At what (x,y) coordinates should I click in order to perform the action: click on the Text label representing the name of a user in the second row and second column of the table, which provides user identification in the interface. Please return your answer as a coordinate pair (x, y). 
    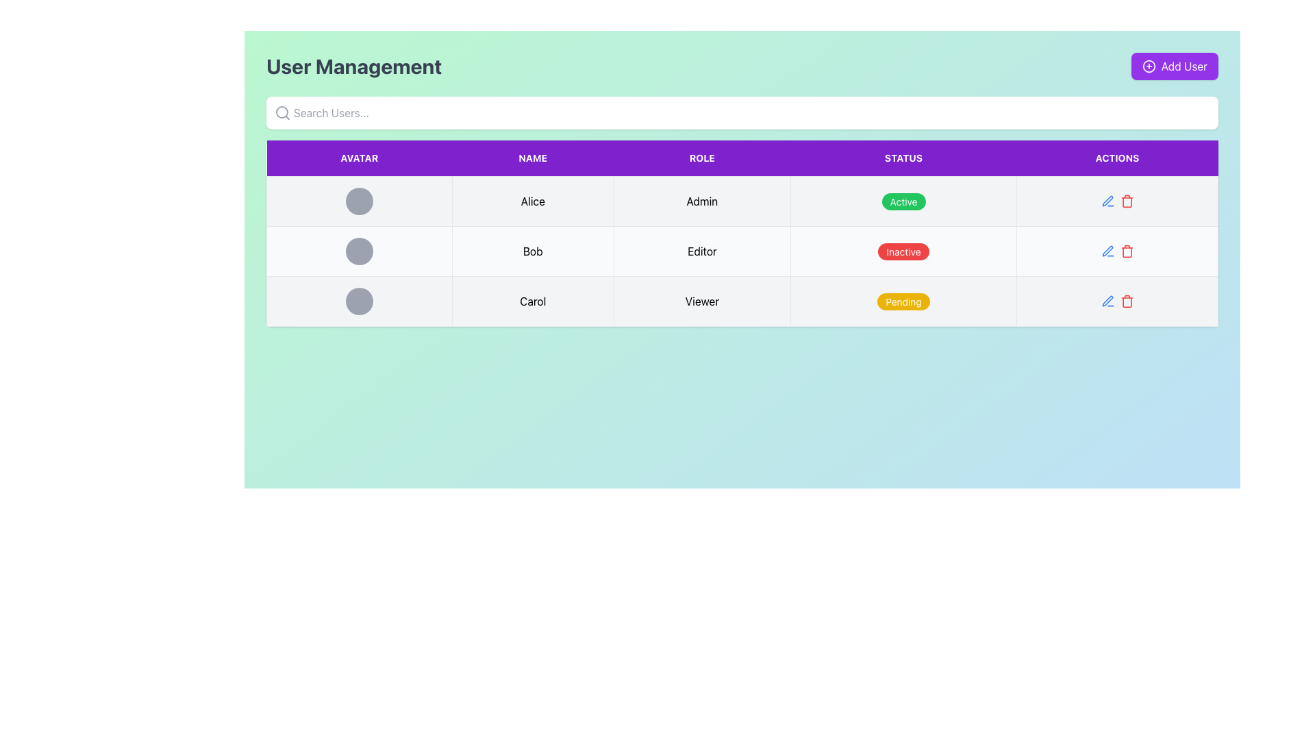
    Looking at the image, I should click on (532, 251).